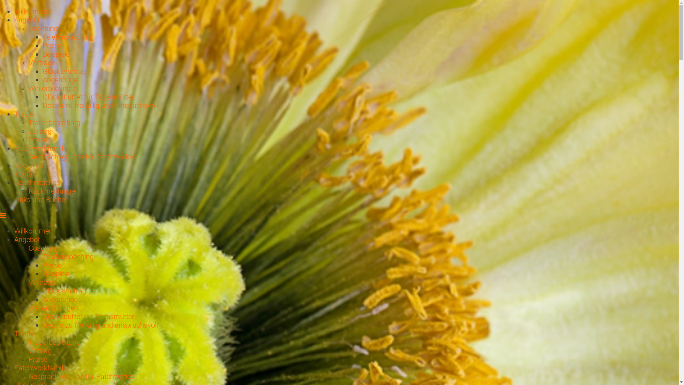 This screenshot has width=684, height=385. I want to click on 'Preise', so click(52, 45).